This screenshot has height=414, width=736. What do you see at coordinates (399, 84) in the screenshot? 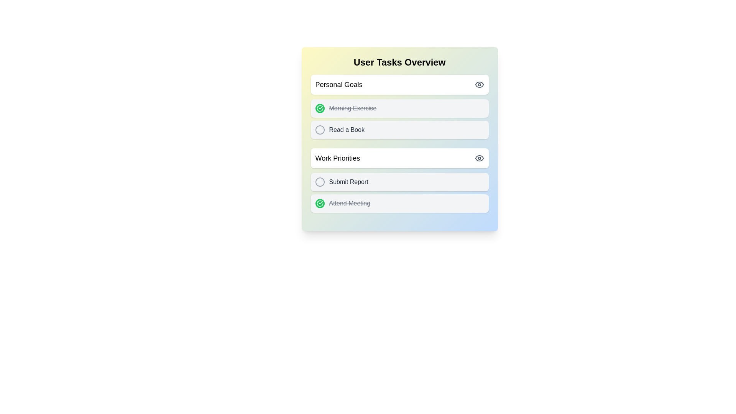
I see `the 'Personal Goals' category header with eye icon` at bounding box center [399, 84].